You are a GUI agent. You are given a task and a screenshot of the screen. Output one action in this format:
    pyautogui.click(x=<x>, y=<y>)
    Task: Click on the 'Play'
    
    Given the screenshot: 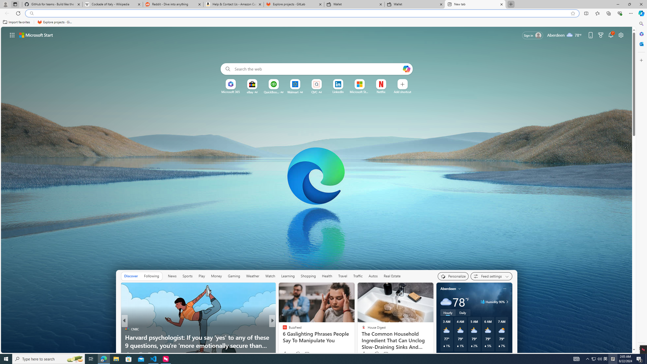 What is the action you would take?
    pyautogui.click(x=202, y=276)
    